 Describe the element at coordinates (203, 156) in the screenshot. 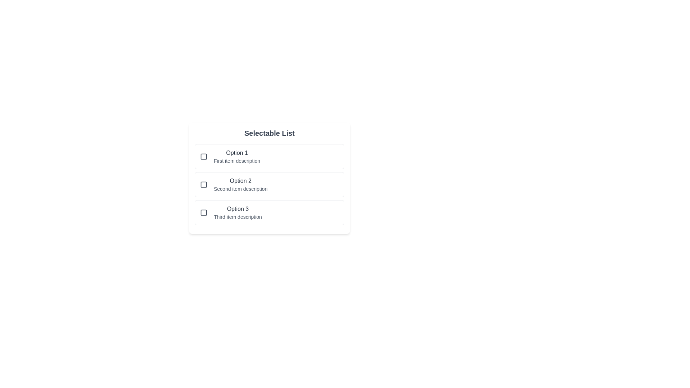

I see `the checkbox corresponding to 1 to toggle its selection state` at that location.